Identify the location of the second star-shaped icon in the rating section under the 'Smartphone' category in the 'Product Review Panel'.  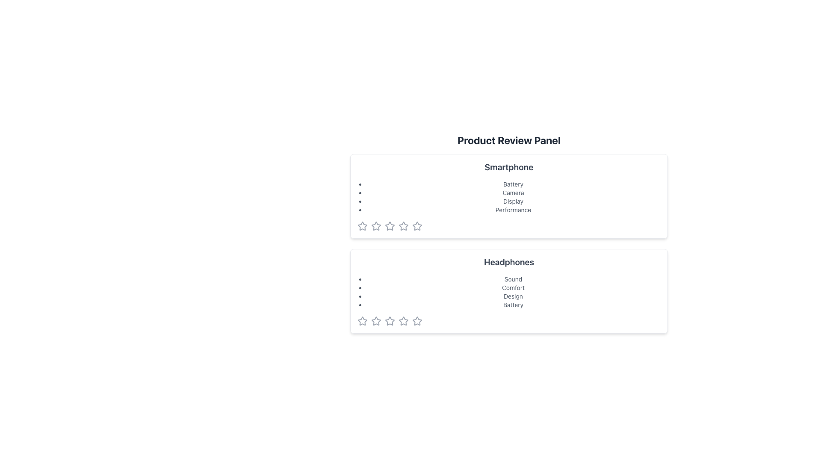
(403, 225).